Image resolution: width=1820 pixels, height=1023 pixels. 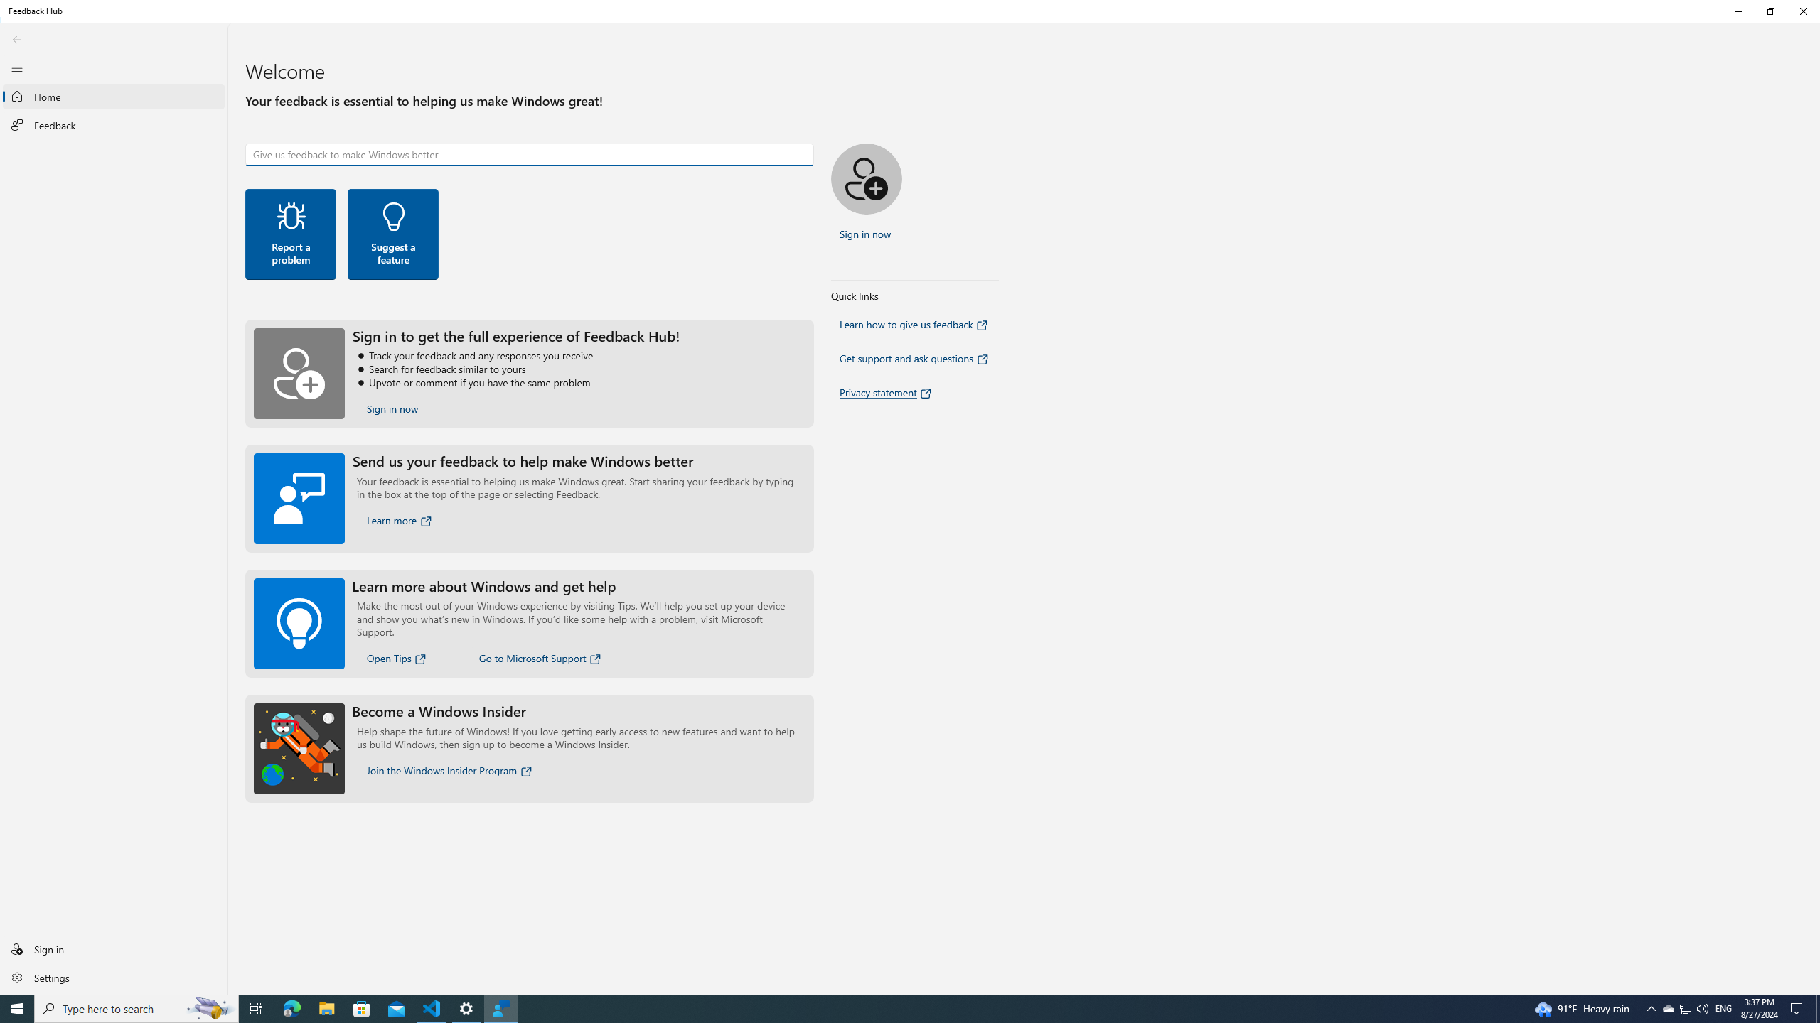 What do you see at coordinates (400, 519) in the screenshot?
I see `'Learn more about providing feedback.'` at bounding box center [400, 519].